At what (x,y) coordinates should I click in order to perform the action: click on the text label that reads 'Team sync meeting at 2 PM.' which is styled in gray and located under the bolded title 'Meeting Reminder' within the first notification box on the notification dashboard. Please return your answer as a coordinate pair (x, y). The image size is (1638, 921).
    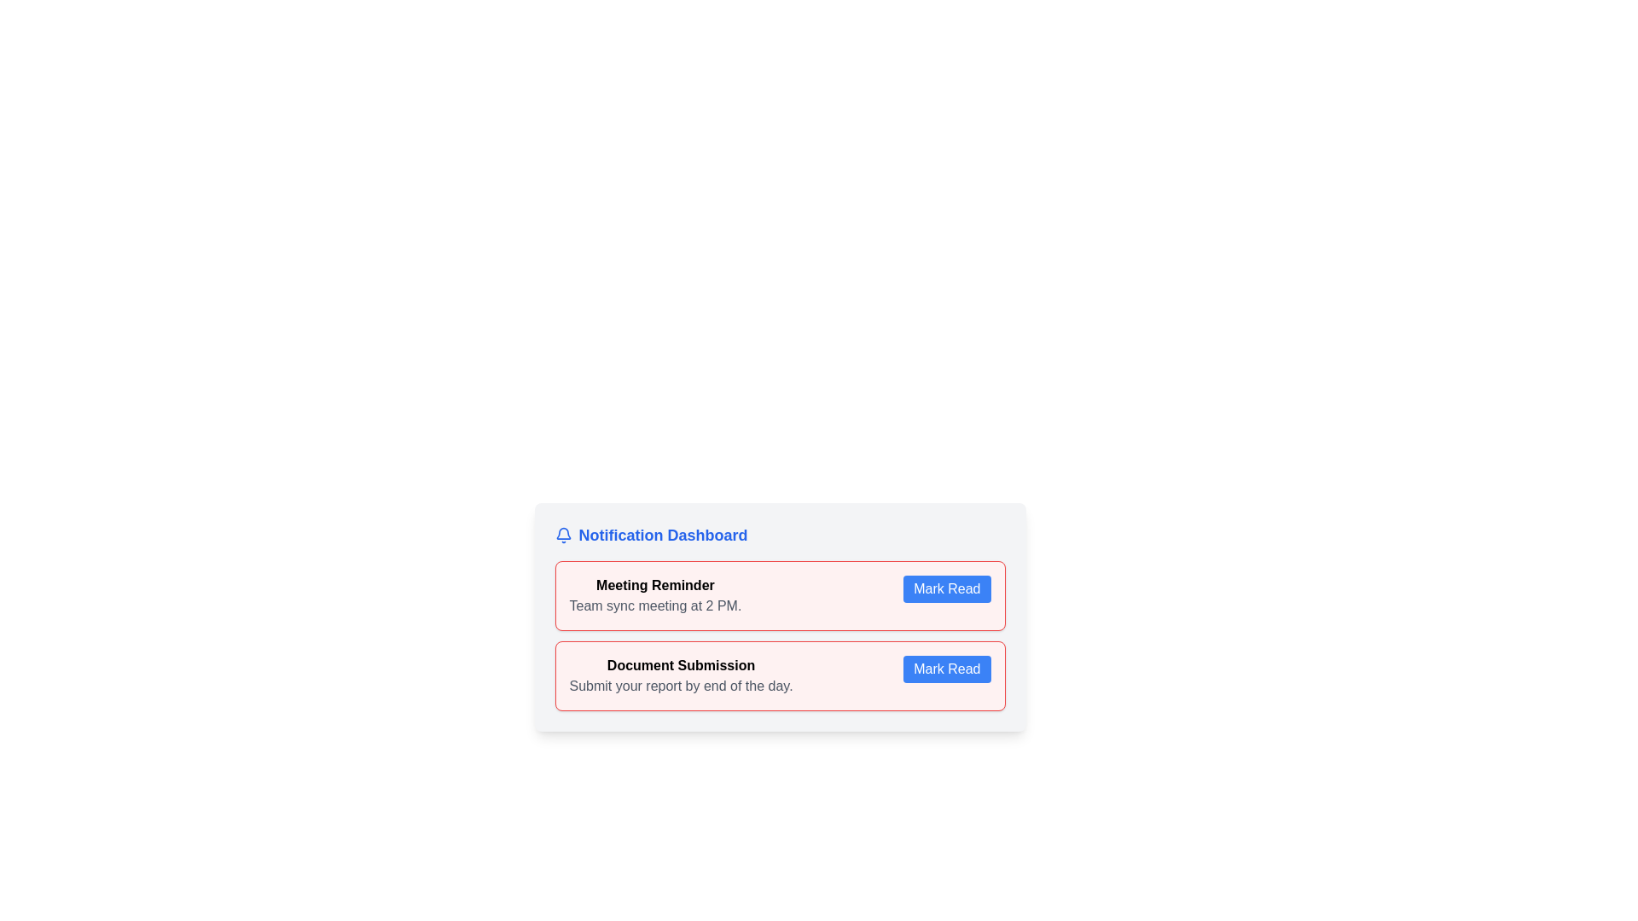
    Looking at the image, I should click on (654, 605).